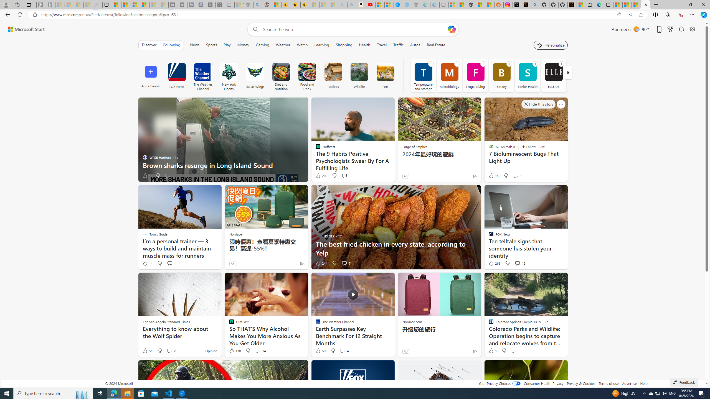 This screenshot has width=710, height=399. Describe the element at coordinates (344, 175) in the screenshot. I see `'View comments 3 Comment'` at that location.